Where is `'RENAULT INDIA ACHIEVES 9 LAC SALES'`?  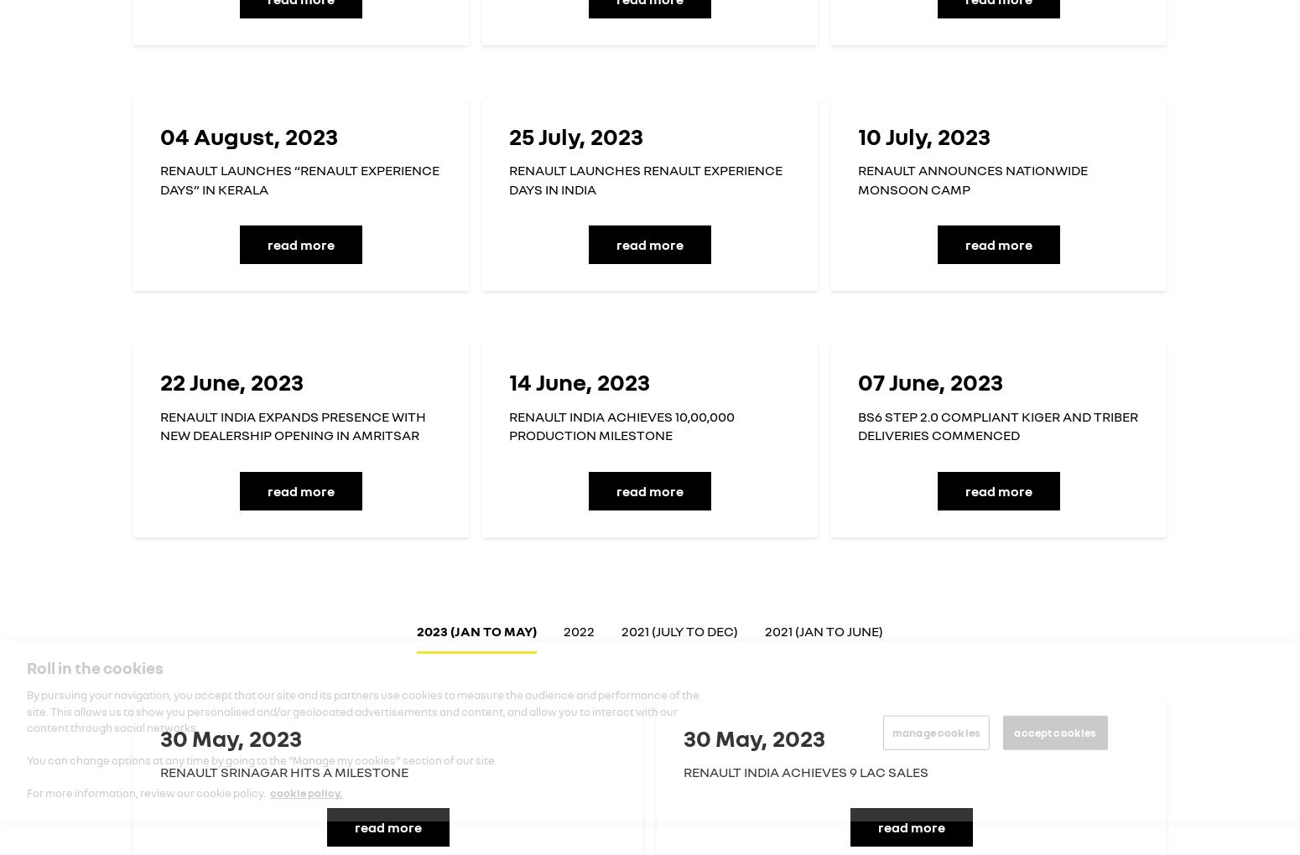
'RENAULT INDIA ACHIEVES 9 LAC SALES' is located at coordinates (805, 771).